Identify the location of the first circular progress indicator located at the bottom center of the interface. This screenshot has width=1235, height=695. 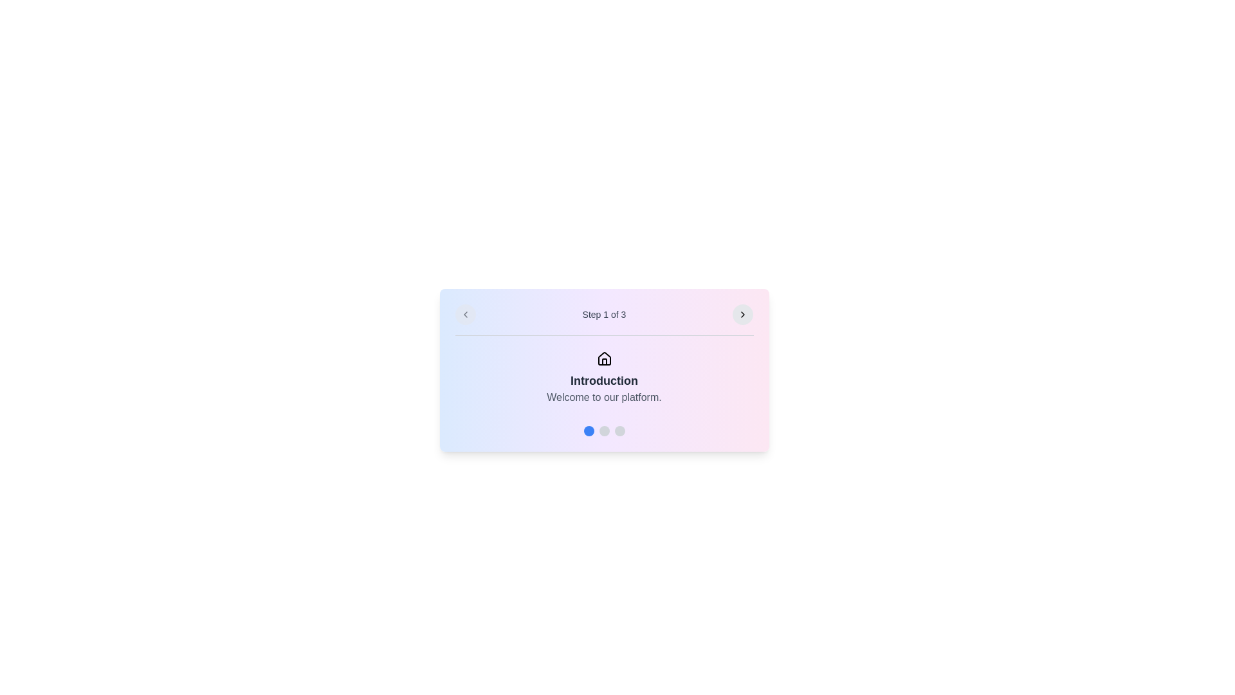
(588, 431).